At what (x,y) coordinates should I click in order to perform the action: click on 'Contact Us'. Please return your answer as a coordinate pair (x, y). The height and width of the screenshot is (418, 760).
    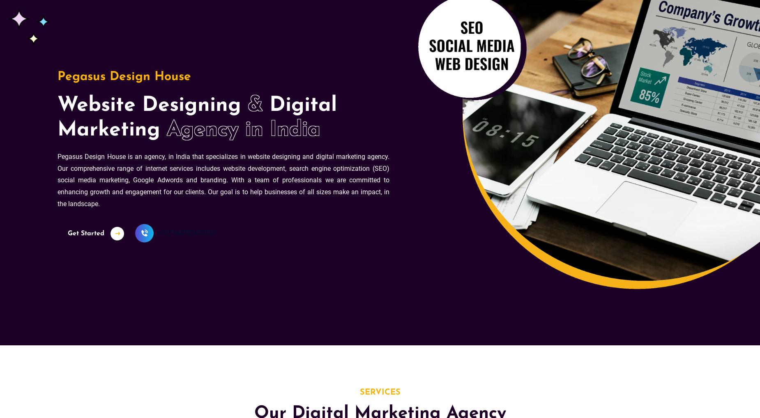
    Looking at the image, I should click on (310, 17).